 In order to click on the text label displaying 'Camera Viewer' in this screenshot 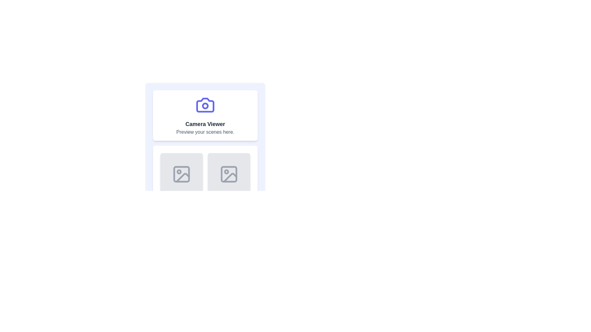, I will do `click(205, 124)`.